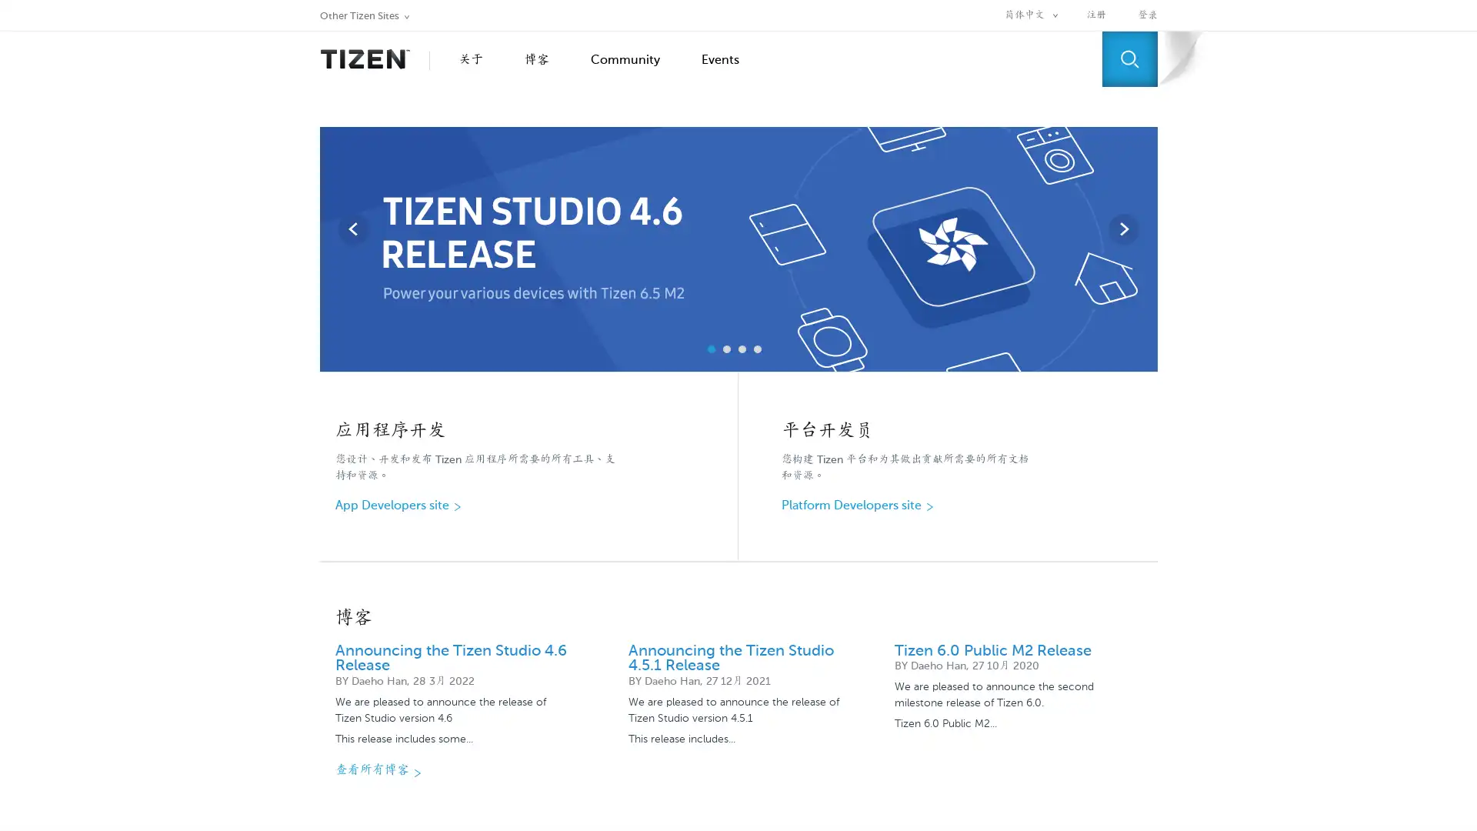  Describe the element at coordinates (742, 349) in the screenshot. I see `3` at that location.